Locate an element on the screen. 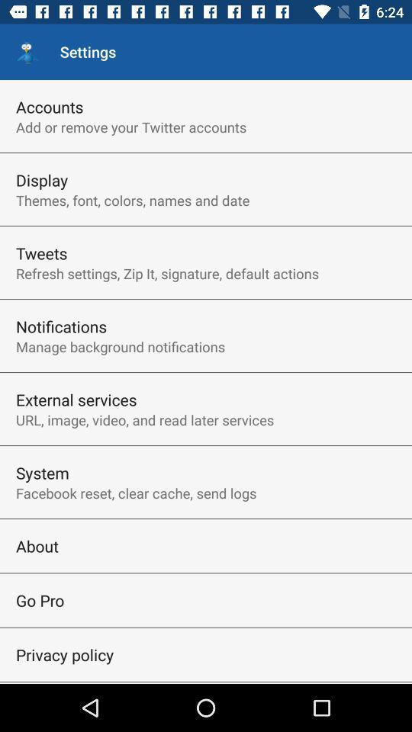  item below the manage background notifications item is located at coordinates (76, 399).